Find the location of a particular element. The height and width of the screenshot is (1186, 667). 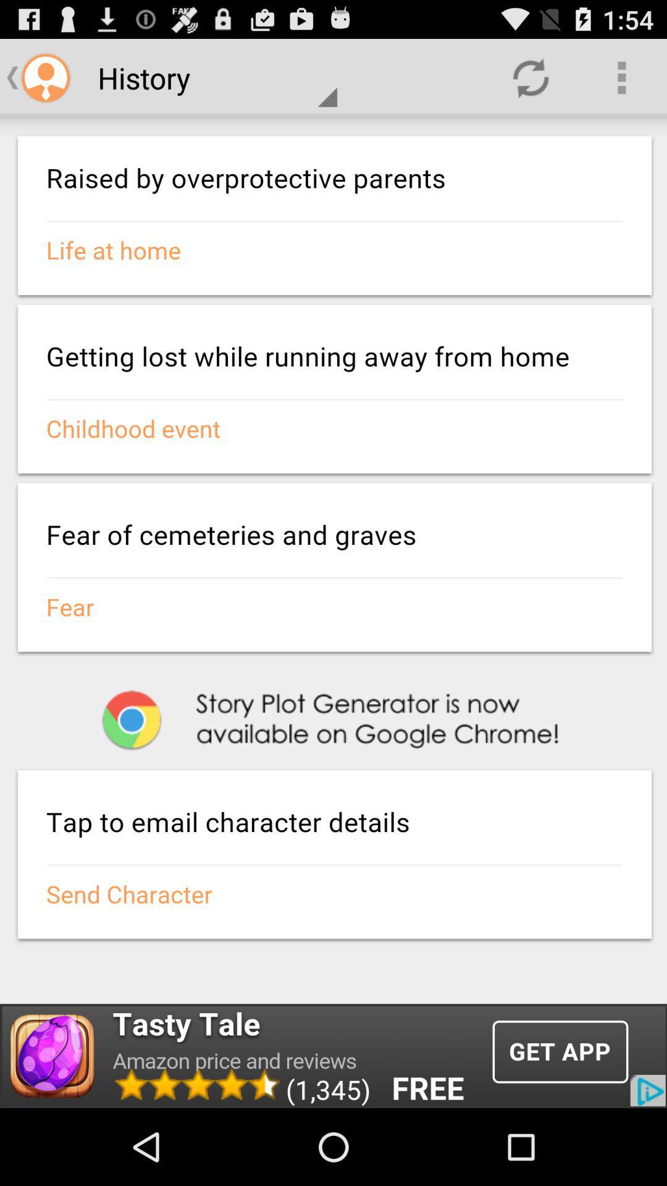

read stories is located at coordinates (333, 559).